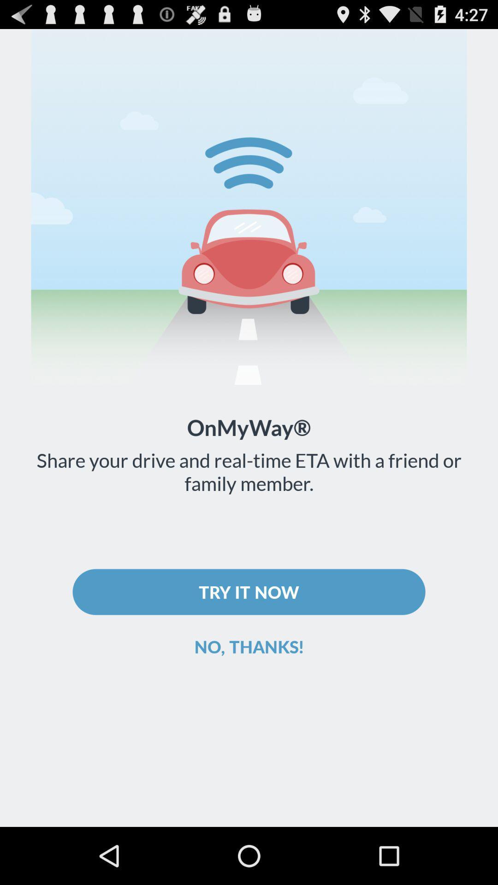 This screenshot has width=498, height=885. I want to click on icon below the try it now icon, so click(249, 646).